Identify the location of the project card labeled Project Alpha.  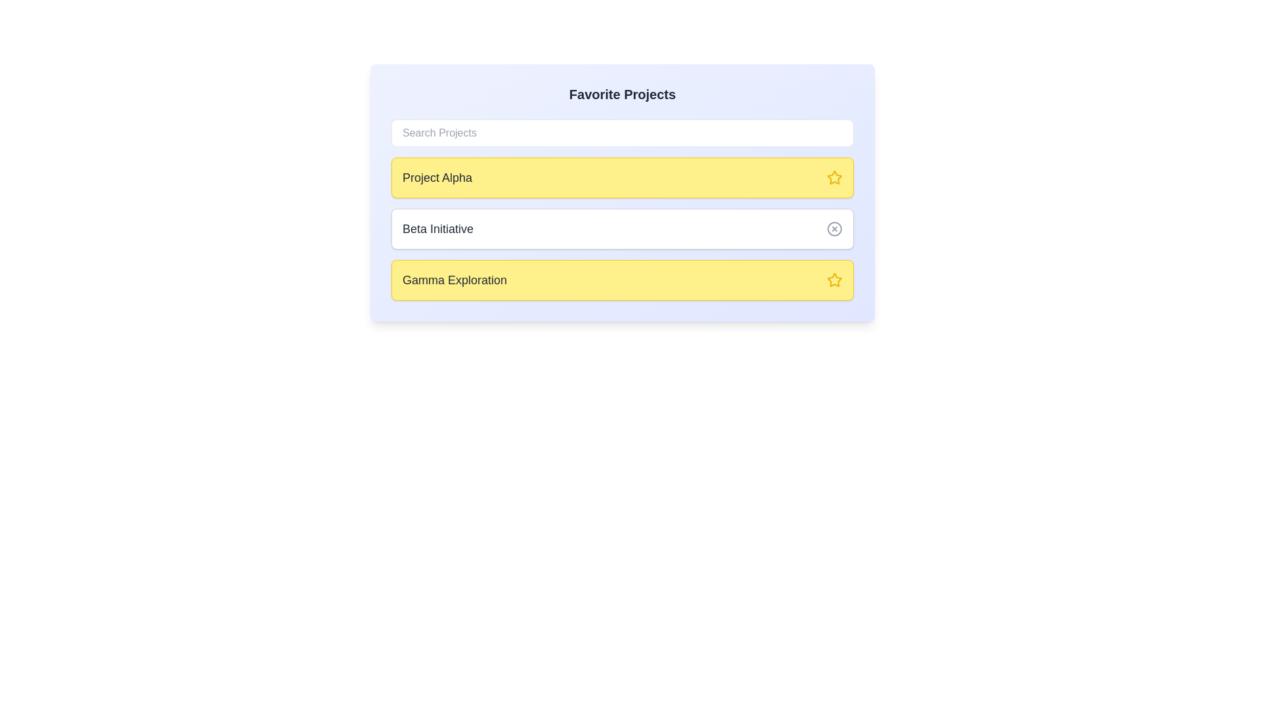
(622, 177).